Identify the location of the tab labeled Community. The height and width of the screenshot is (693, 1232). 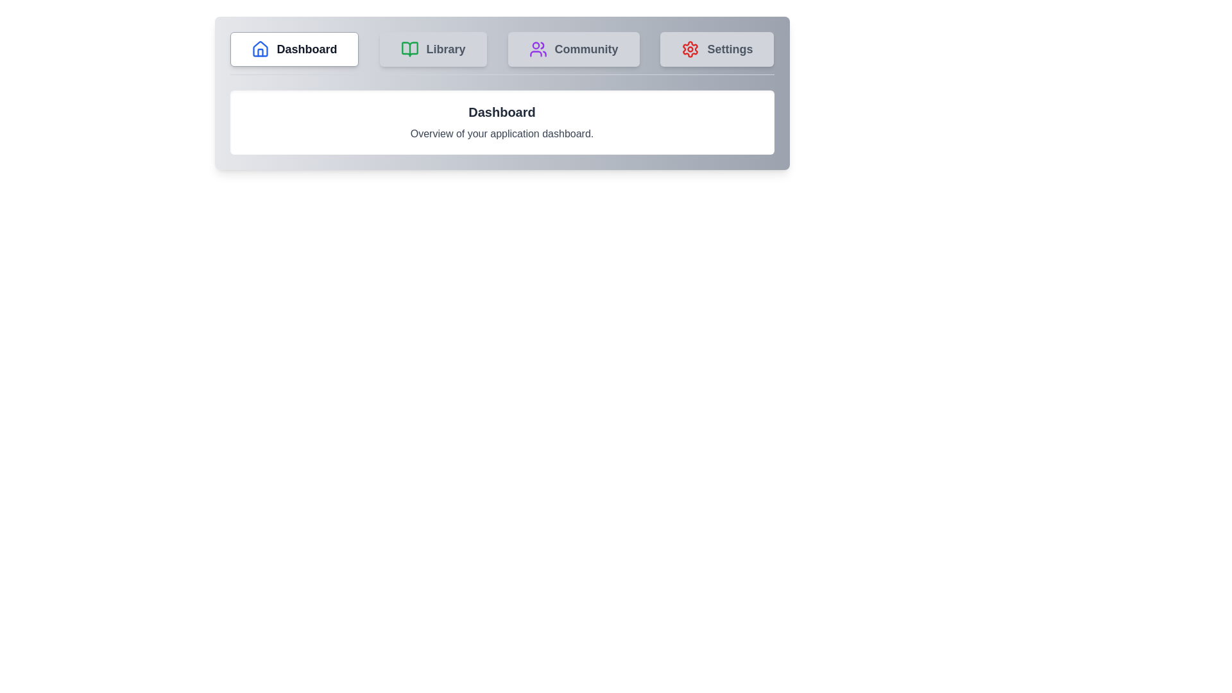
(572, 49).